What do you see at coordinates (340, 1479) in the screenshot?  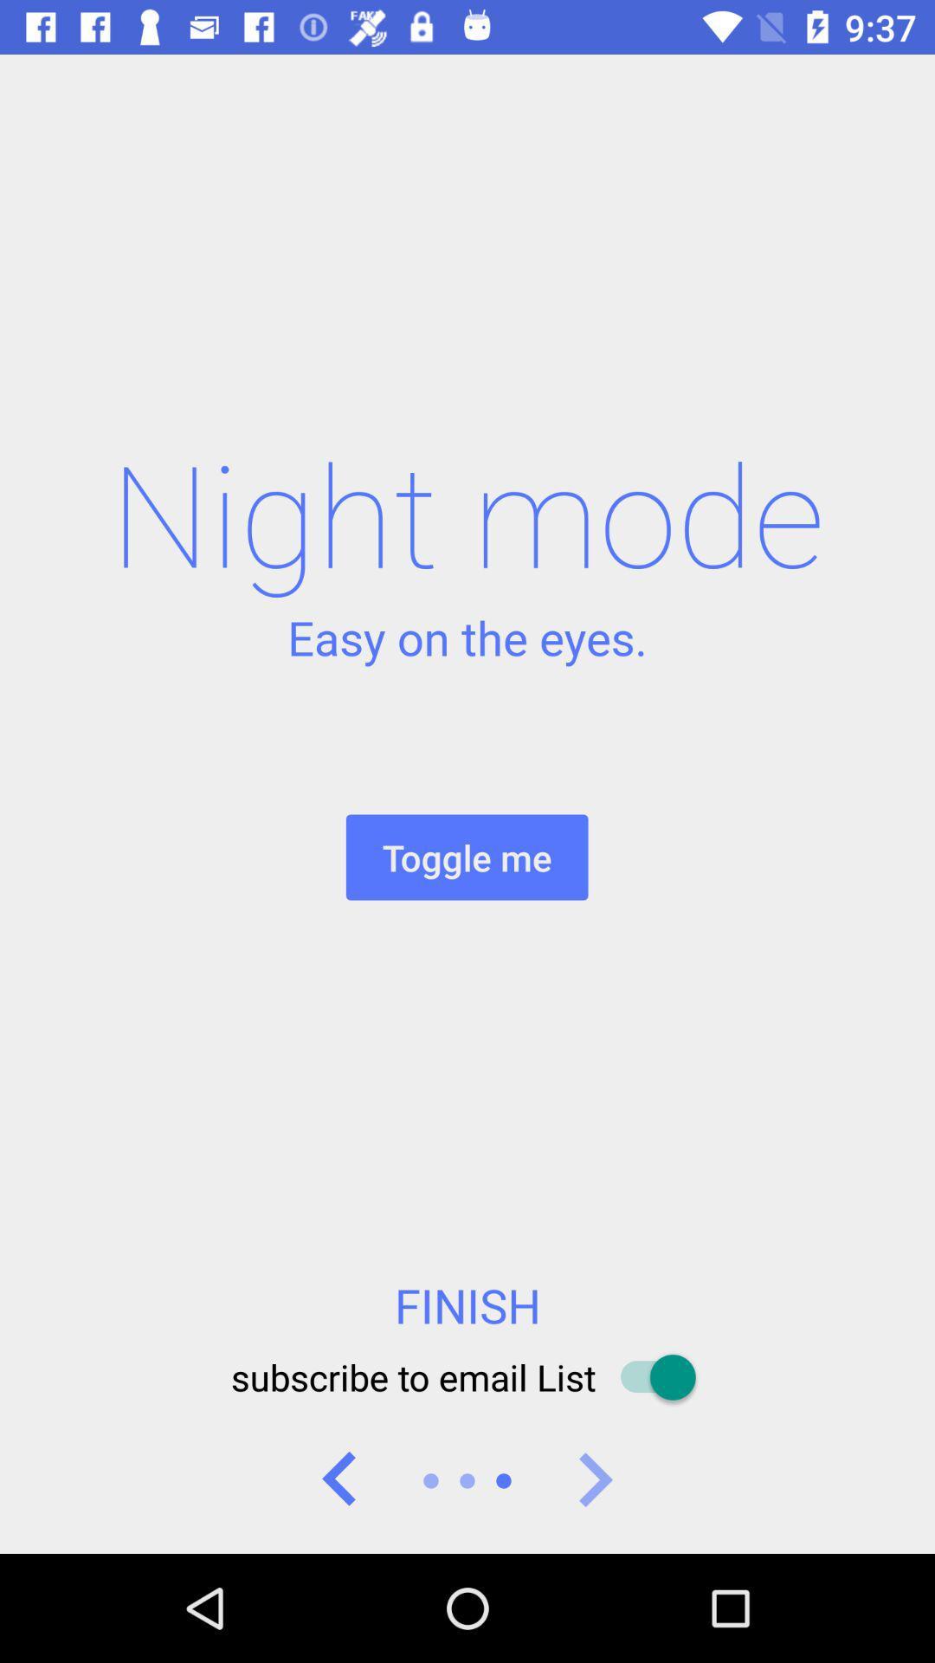 I see `previous page` at bounding box center [340, 1479].